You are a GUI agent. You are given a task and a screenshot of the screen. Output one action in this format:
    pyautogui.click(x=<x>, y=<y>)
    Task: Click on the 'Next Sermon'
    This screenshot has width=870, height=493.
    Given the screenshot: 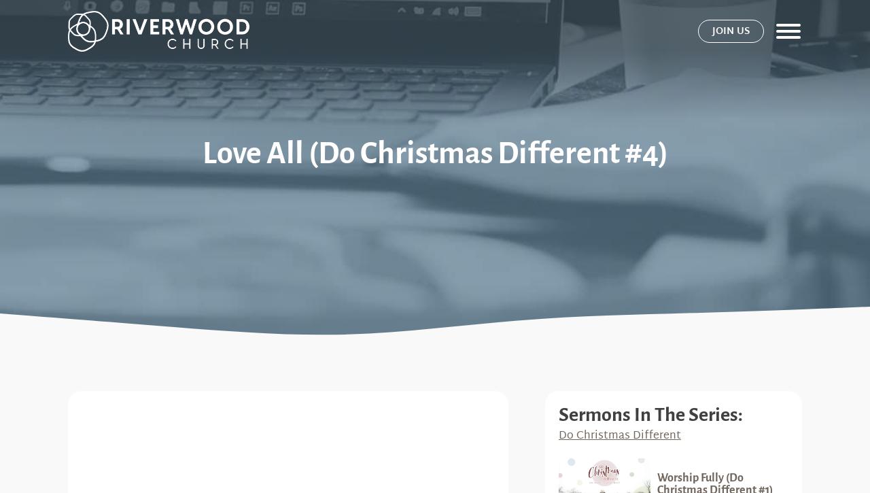 What is the action you would take?
    pyautogui.click(x=647, y=82)
    